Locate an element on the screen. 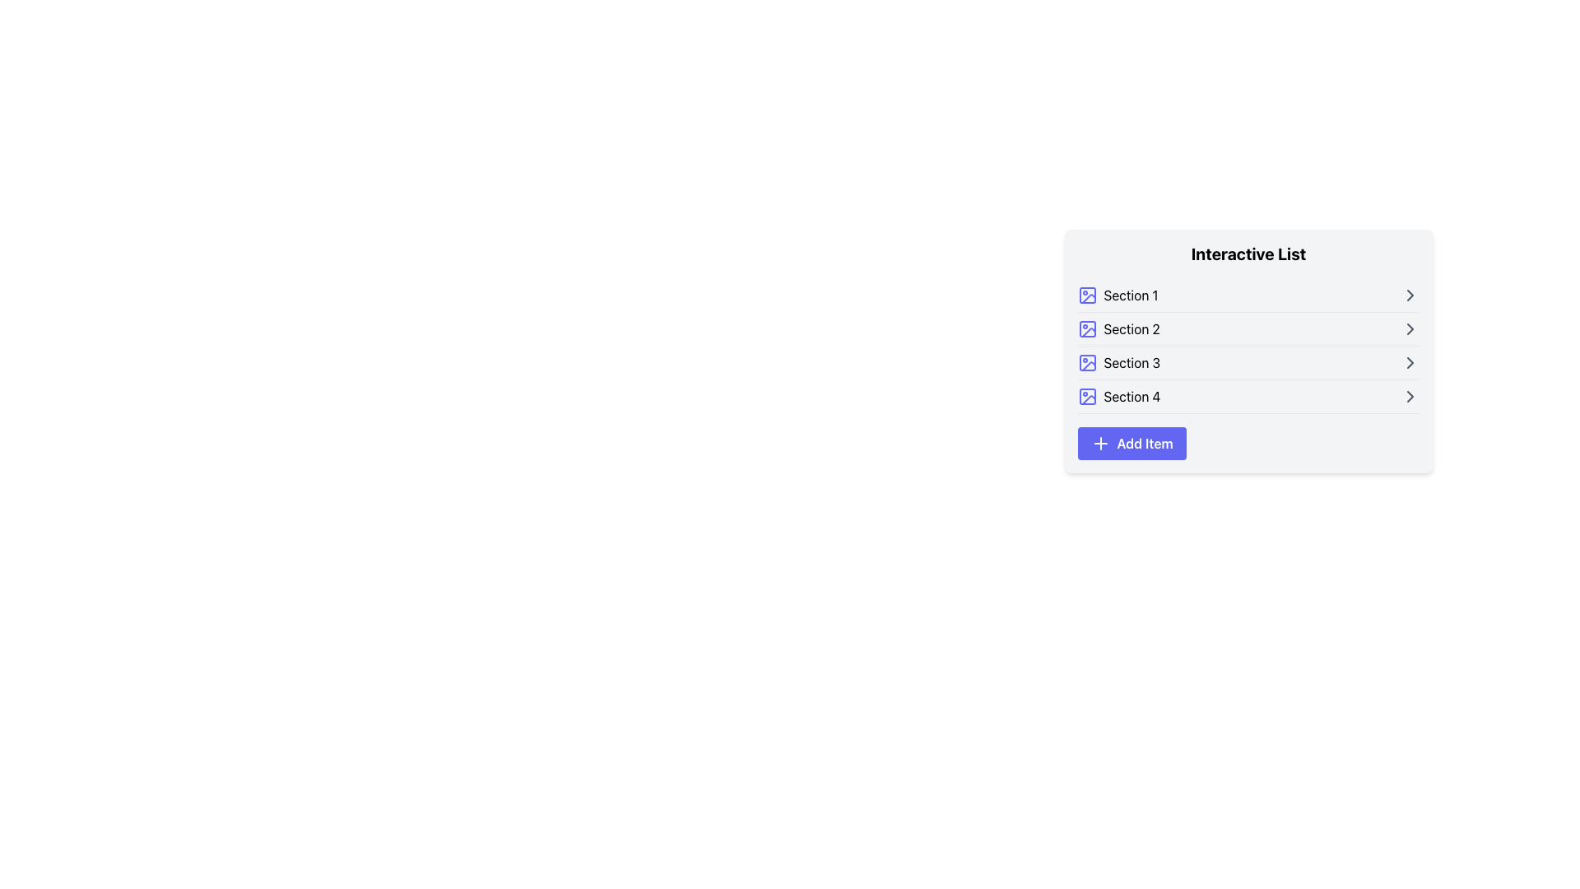  the icon resembling a framed image with a small circle in the top left corner and a diagonal line crossing part of it, located to the left of the text 'Section 3' in the bottom right of the interface is located at coordinates (1087, 361).